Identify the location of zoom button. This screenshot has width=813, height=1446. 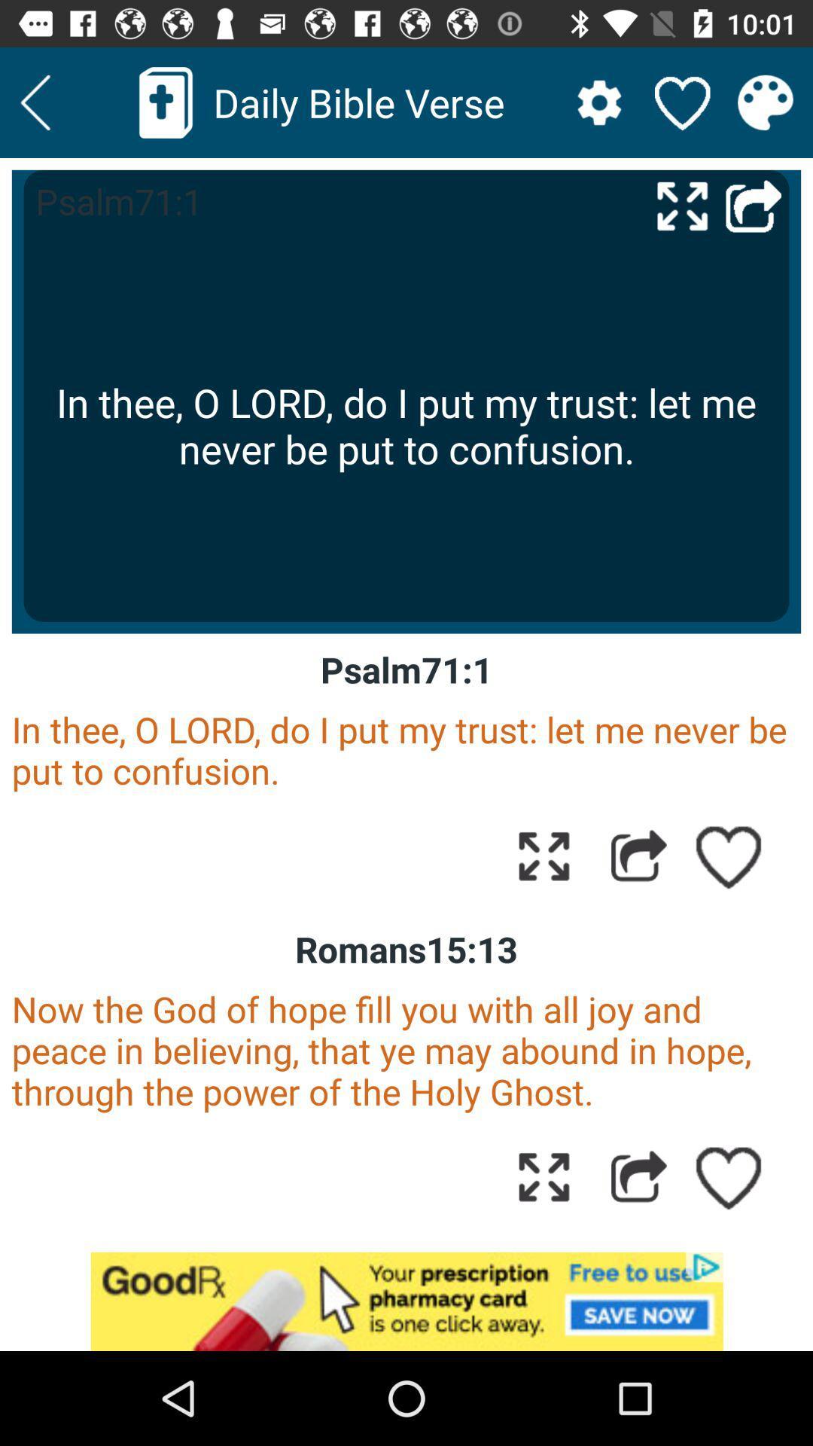
(544, 1176).